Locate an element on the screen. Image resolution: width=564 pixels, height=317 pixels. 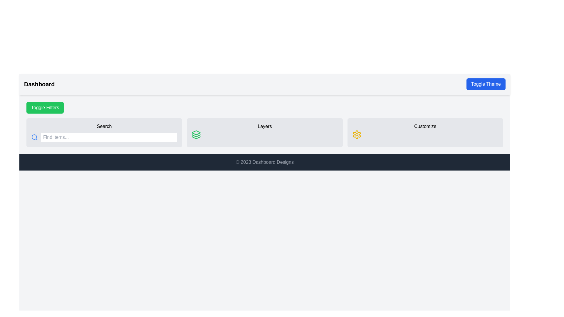
the toggle button located below the 'Dashboard' heading to change the visibility of filters in the interface is located at coordinates (45, 107).